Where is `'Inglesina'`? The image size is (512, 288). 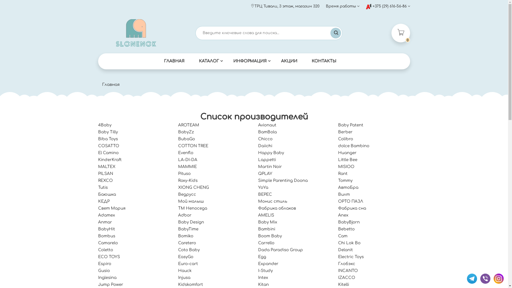 'Inglesina' is located at coordinates (107, 277).